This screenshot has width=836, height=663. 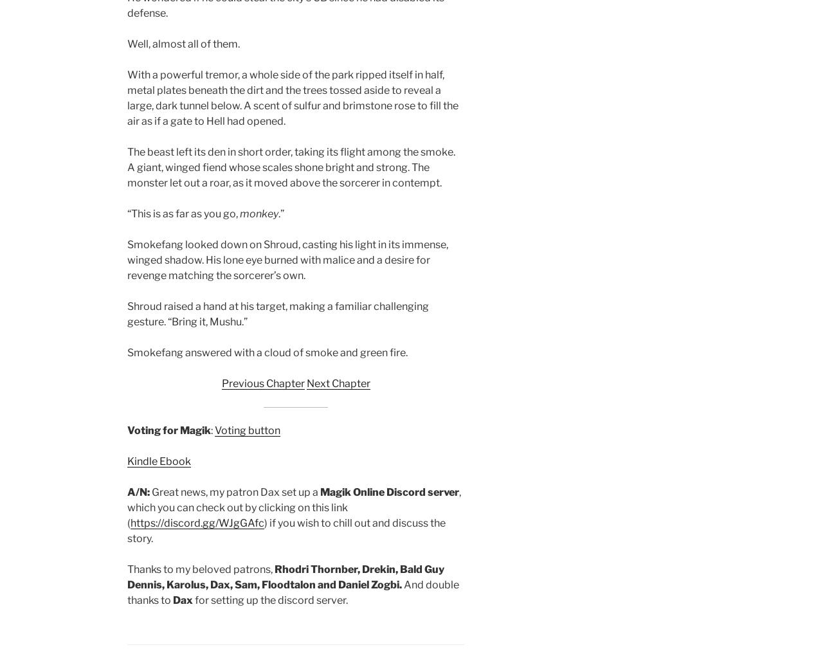 I want to click on '.”', so click(x=280, y=213).